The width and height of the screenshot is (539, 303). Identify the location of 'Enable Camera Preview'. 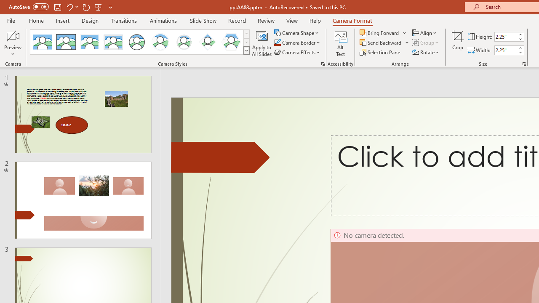
(13, 35).